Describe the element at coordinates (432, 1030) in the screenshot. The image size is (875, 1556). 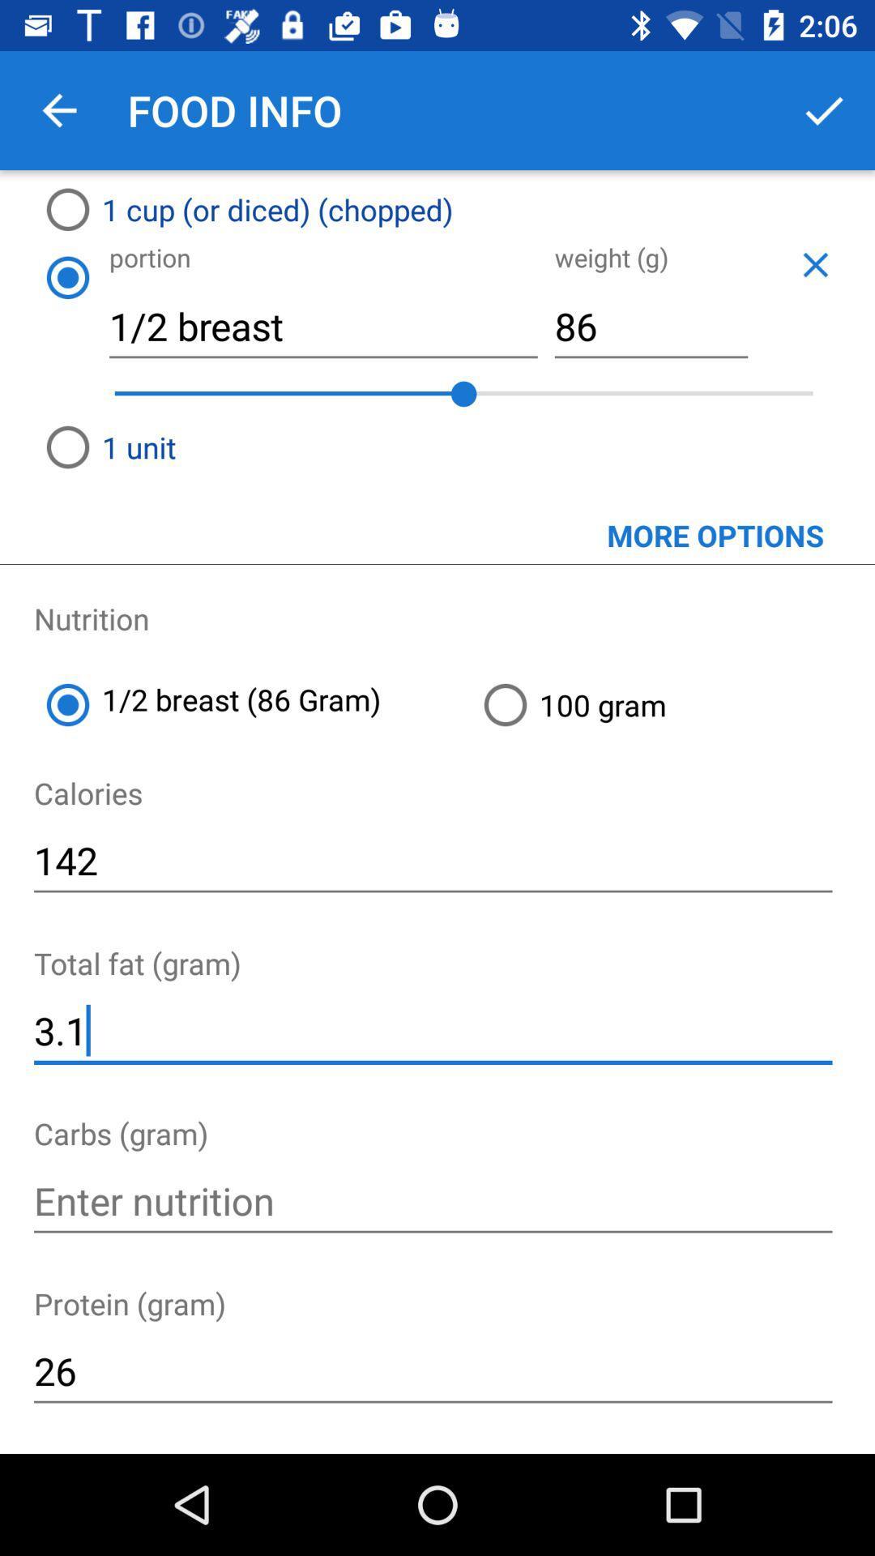
I see `icon below the total fat (gram) item` at that location.